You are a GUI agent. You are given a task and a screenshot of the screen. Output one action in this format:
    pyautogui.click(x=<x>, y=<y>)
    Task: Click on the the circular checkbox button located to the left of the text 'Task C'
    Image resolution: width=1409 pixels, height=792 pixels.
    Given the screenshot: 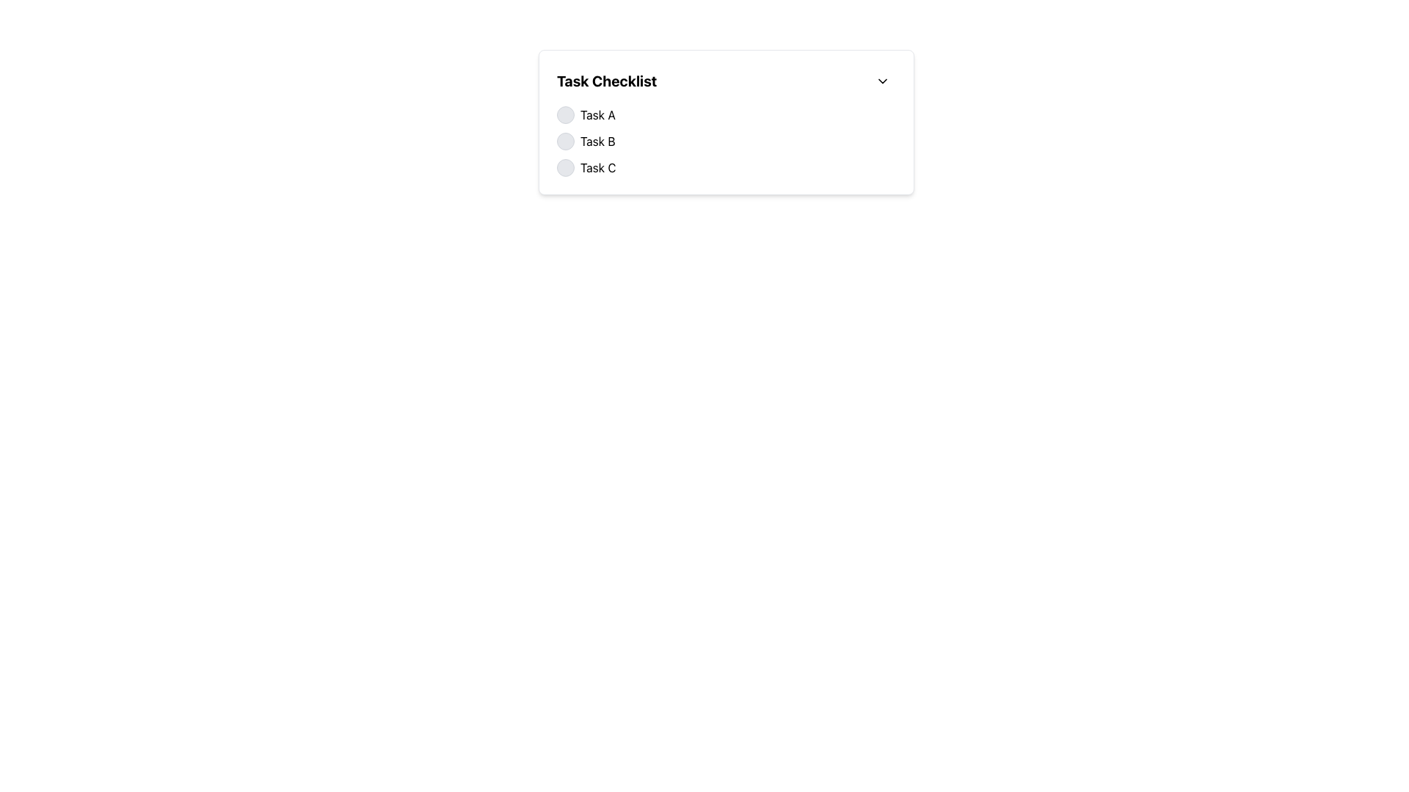 What is the action you would take?
    pyautogui.click(x=565, y=166)
    